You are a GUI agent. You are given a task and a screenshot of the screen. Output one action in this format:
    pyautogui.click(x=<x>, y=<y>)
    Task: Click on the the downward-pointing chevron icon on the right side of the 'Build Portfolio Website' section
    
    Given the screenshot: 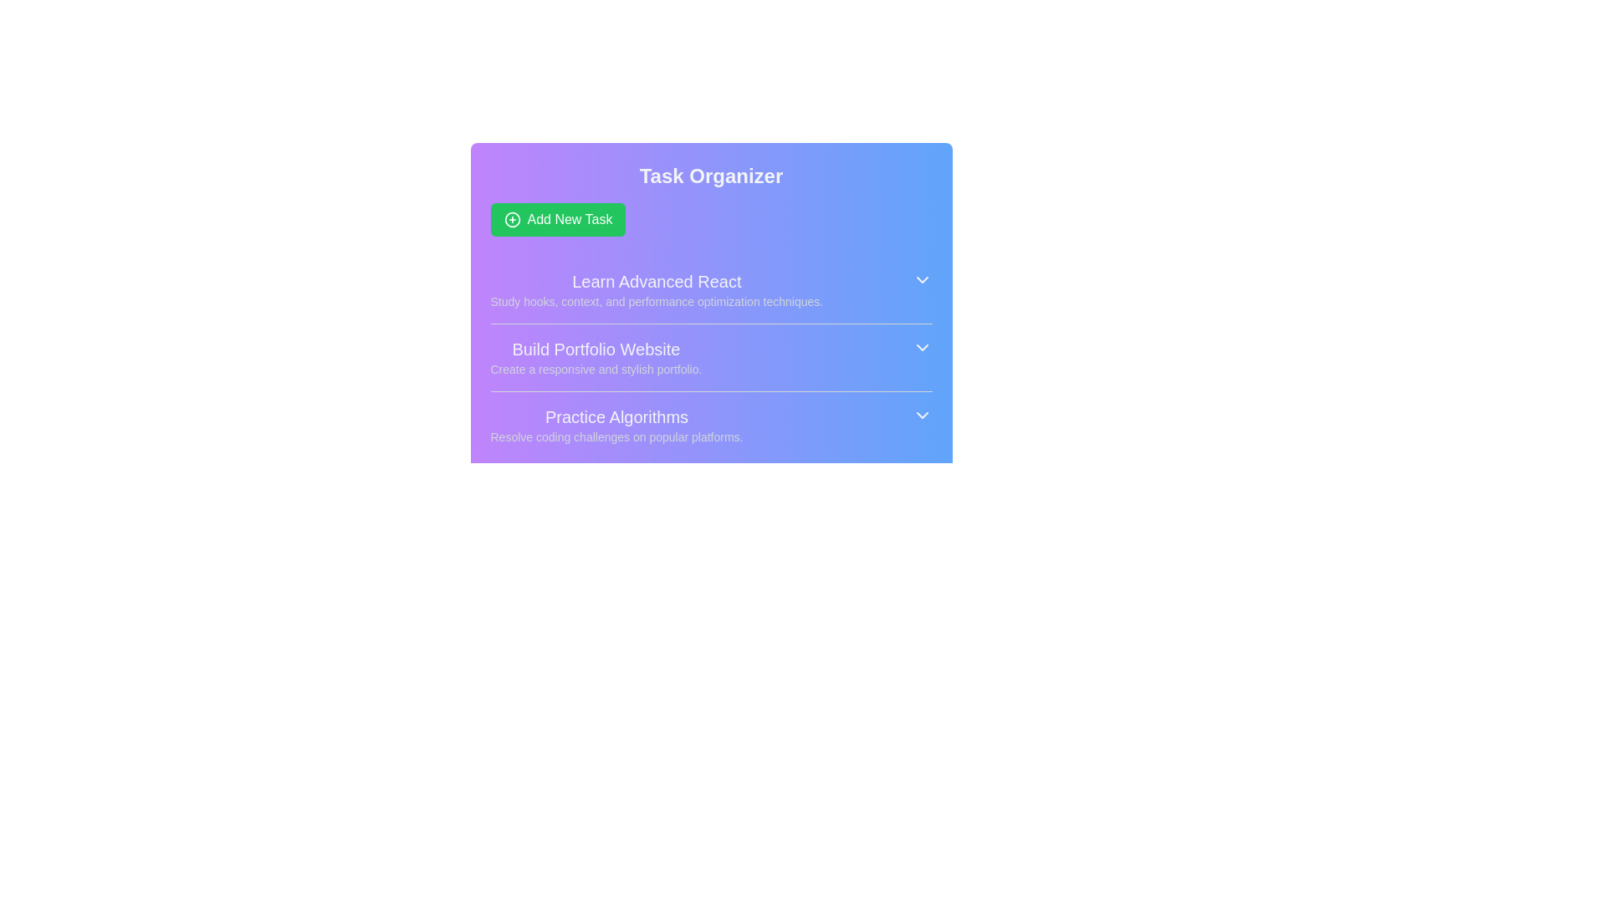 What is the action you would take?
    pyautogui.click(x=921, y=347)
    